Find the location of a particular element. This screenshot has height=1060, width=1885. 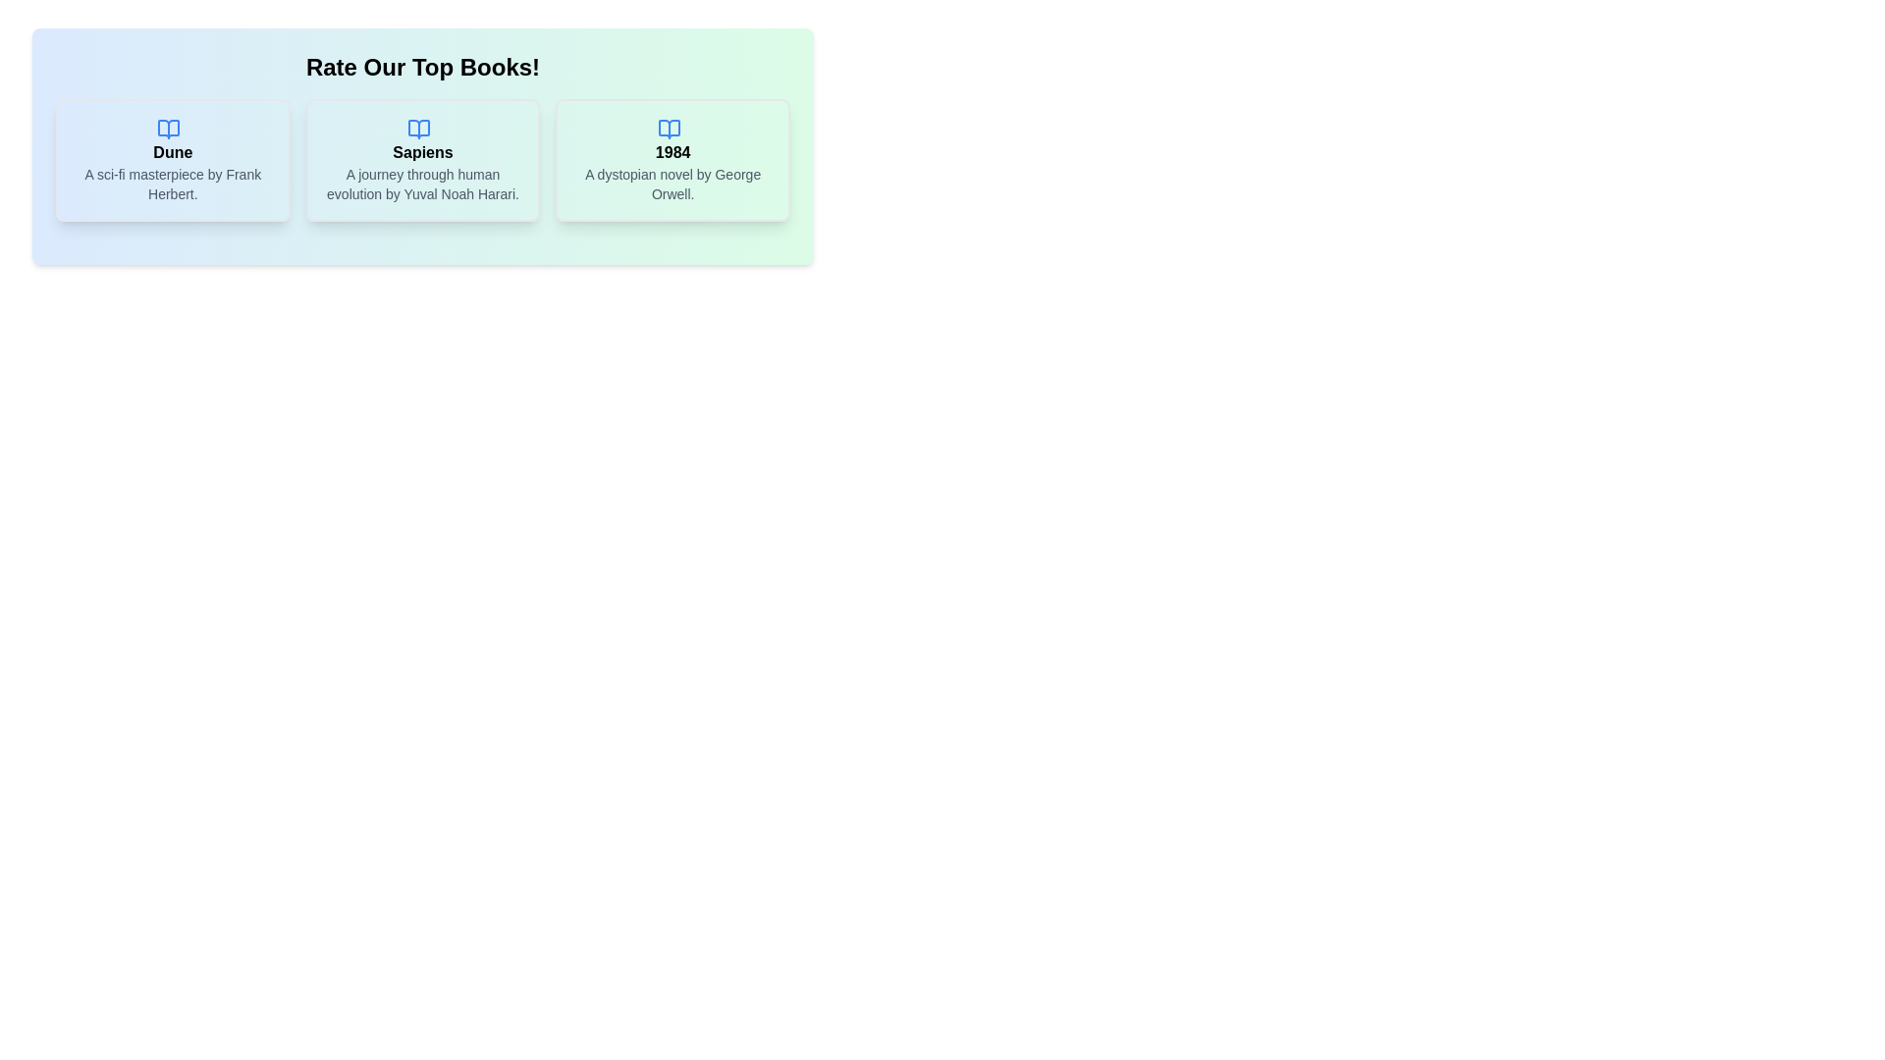

the text label reading 'A sci-fi masterpiece by Frank Herbert.' which is located beneath the title 'Dune' in the leftmost card of the 'Rate Our Top Books!' panel is located at coordinates (173, 184).